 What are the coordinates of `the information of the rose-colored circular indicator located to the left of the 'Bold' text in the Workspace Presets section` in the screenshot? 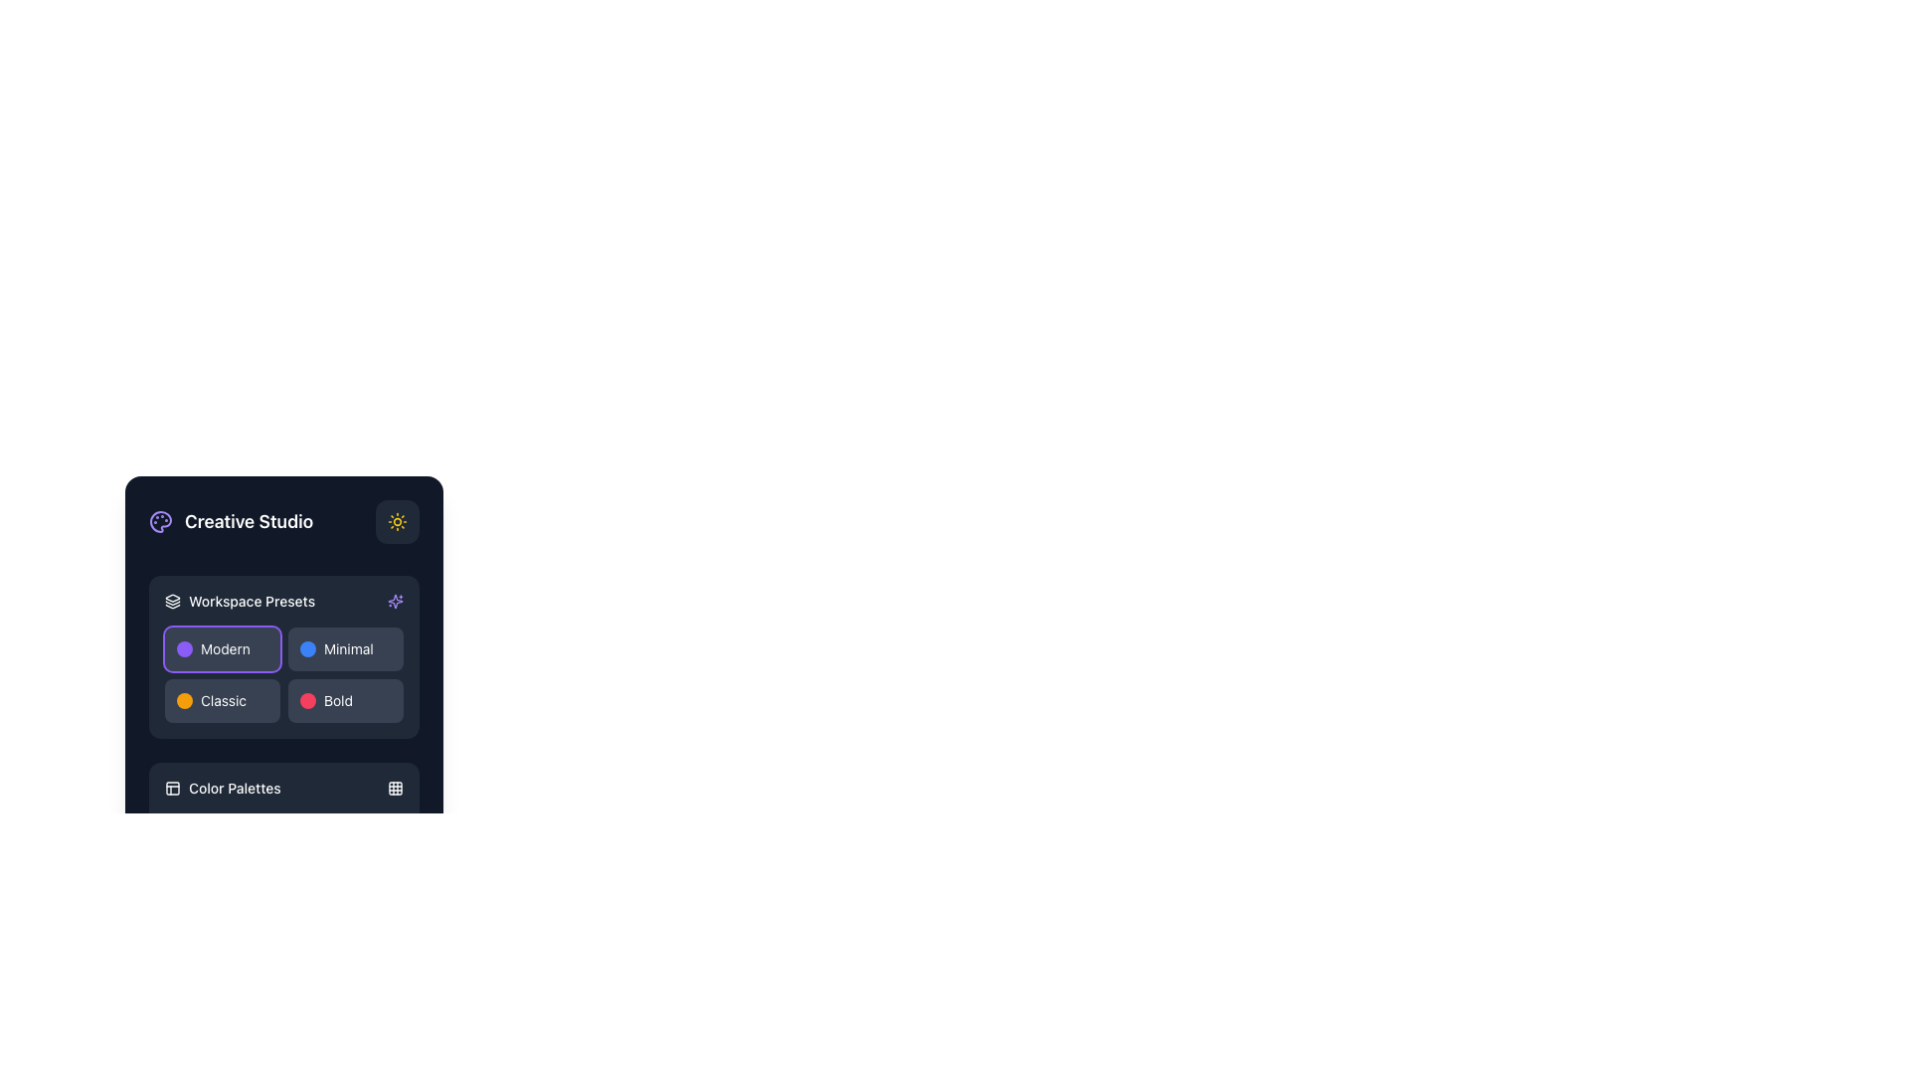 It's located at (307, 700).